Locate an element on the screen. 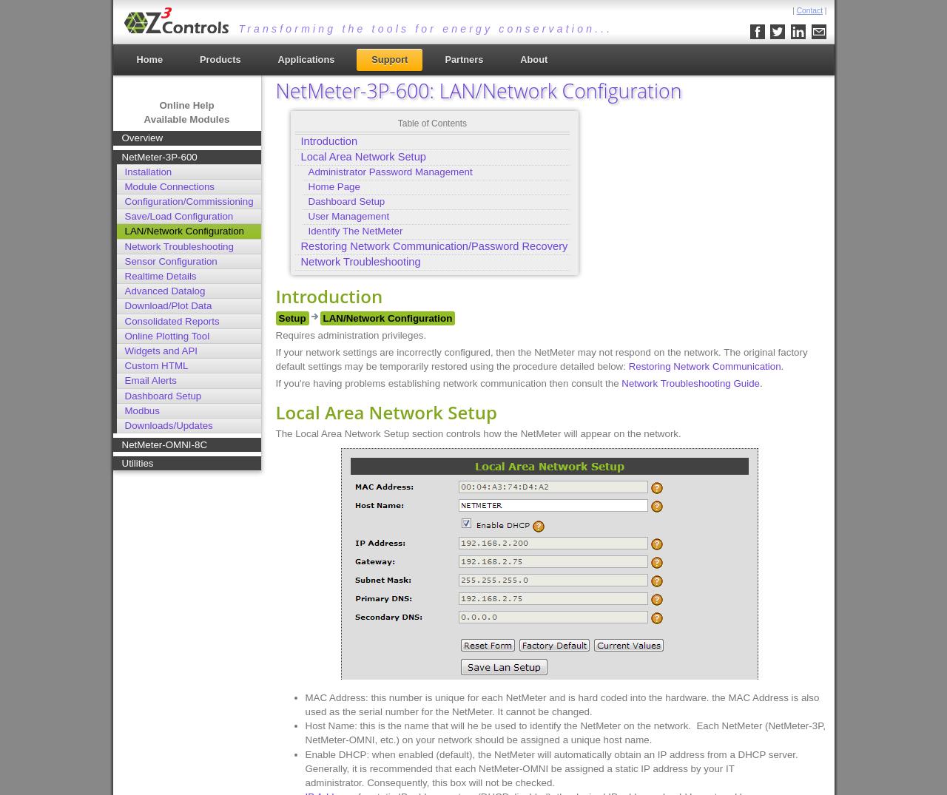  'Restoring Network Communication/Password Recovery' is located at coordinates (300, 244).